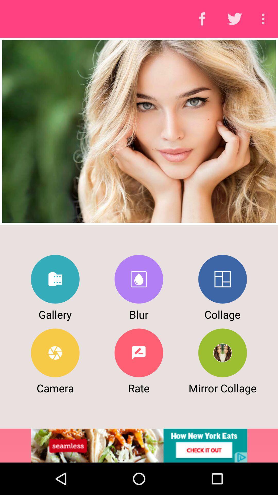  I want to click on click camera icon, so click(55, 352).